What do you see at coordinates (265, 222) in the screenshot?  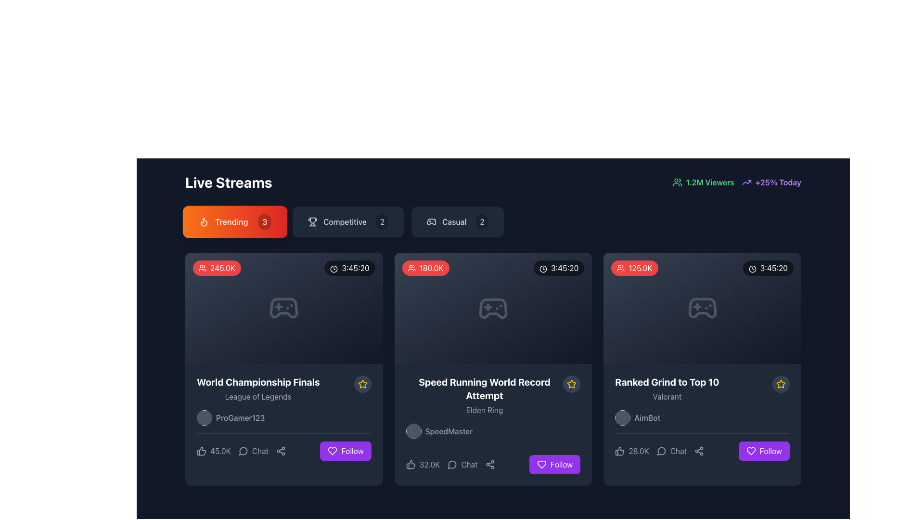 I see `counter value displayed on the circular badge with the number '3' in white text over a semi-transparent black background, located in the top-right corner of the 'Trending' button` at bounding box center [265, 222].